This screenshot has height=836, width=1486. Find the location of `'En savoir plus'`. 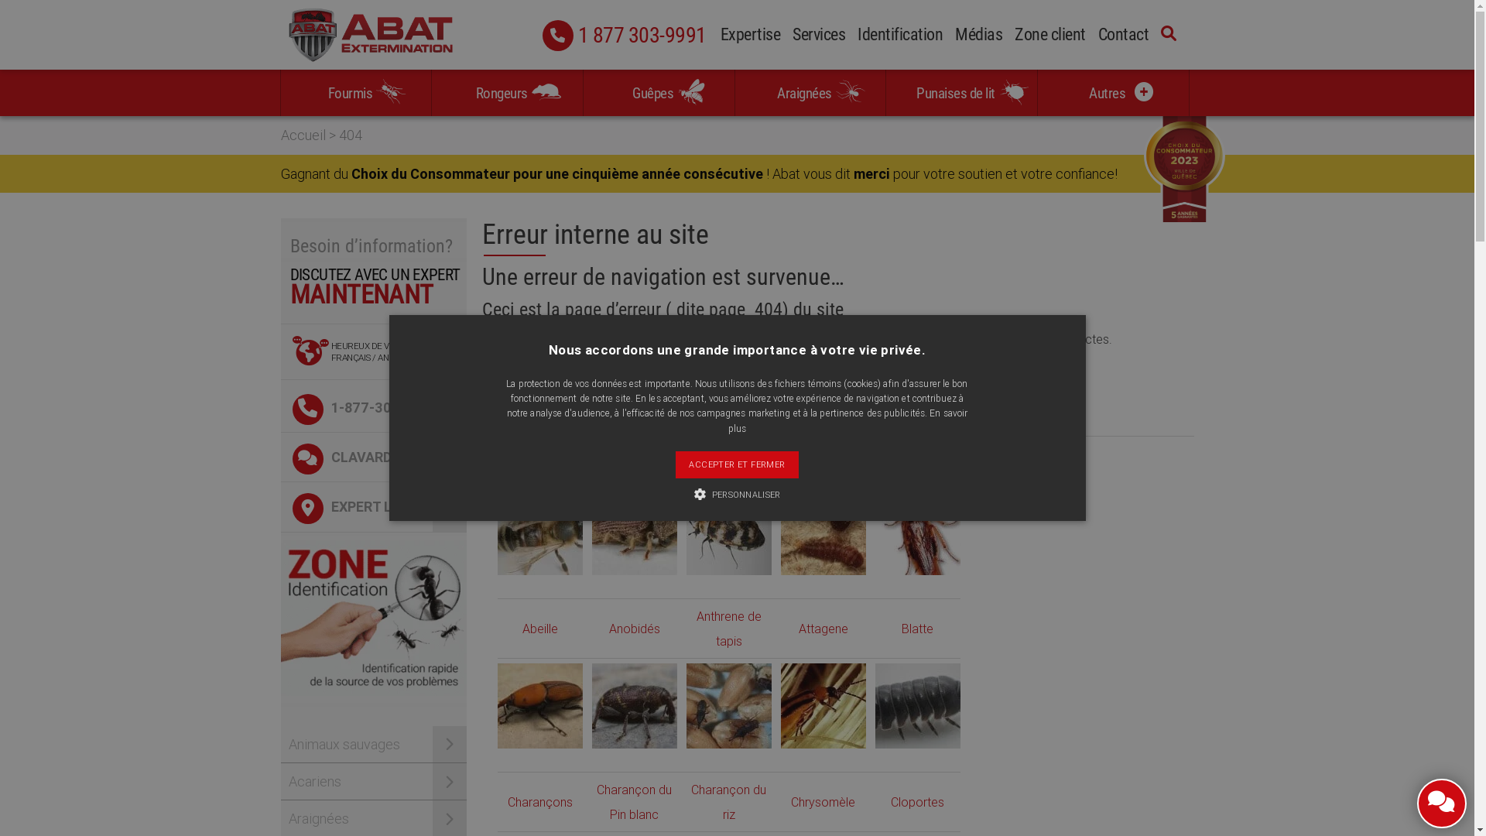

'En savoir plus' is located at coordinates (847, 420).